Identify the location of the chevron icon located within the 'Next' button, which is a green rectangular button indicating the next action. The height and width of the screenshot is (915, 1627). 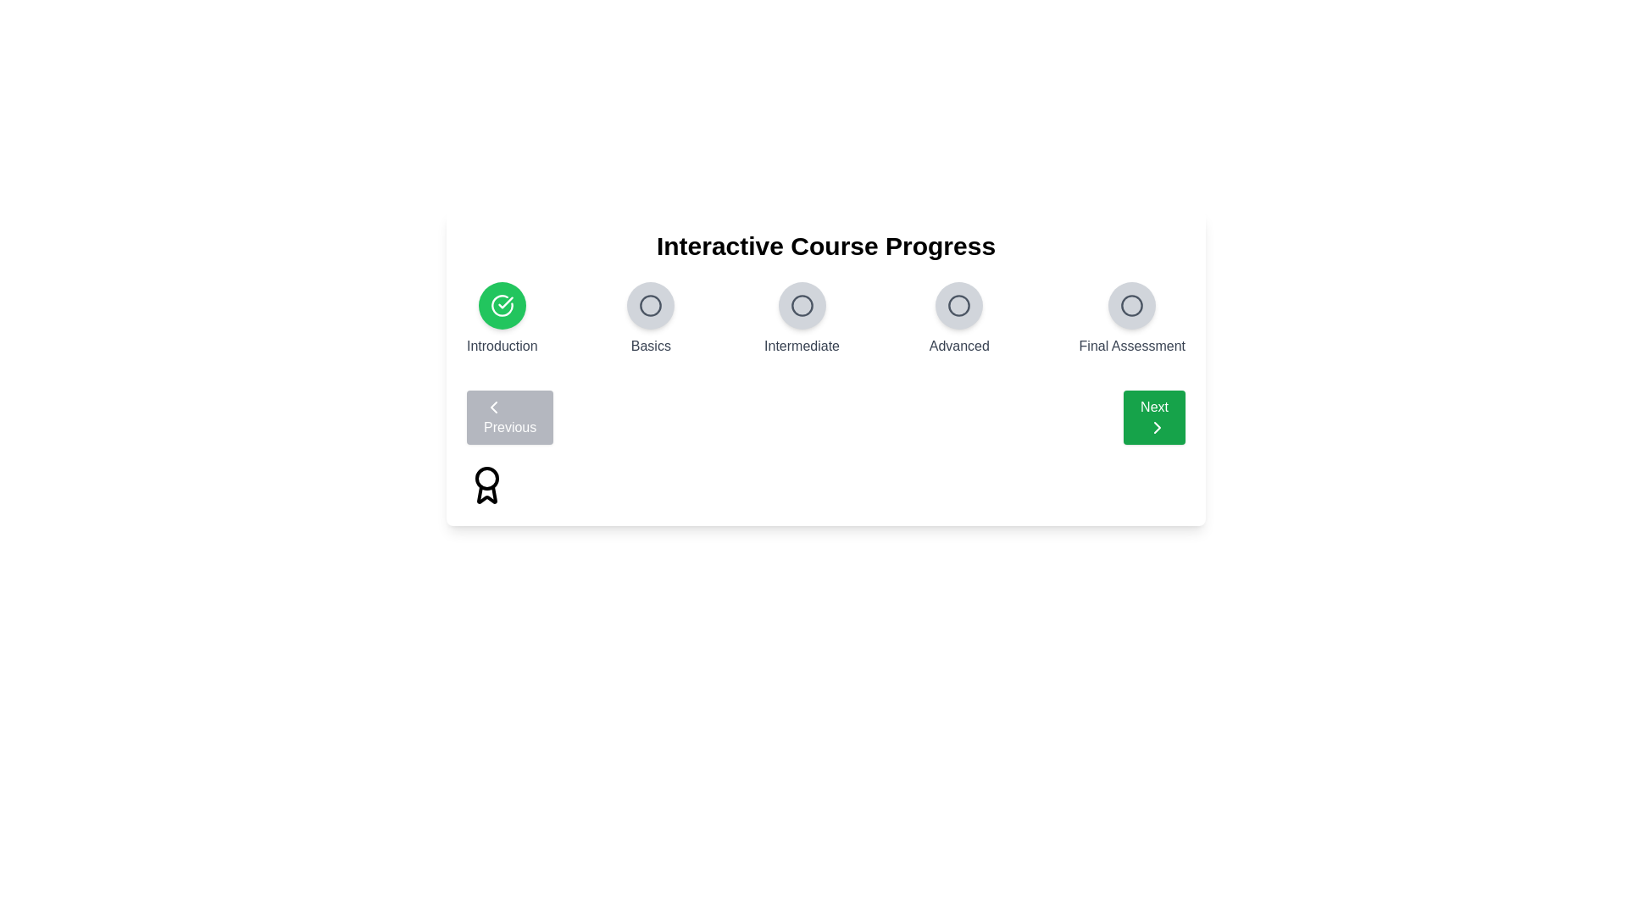
(1157, 427).